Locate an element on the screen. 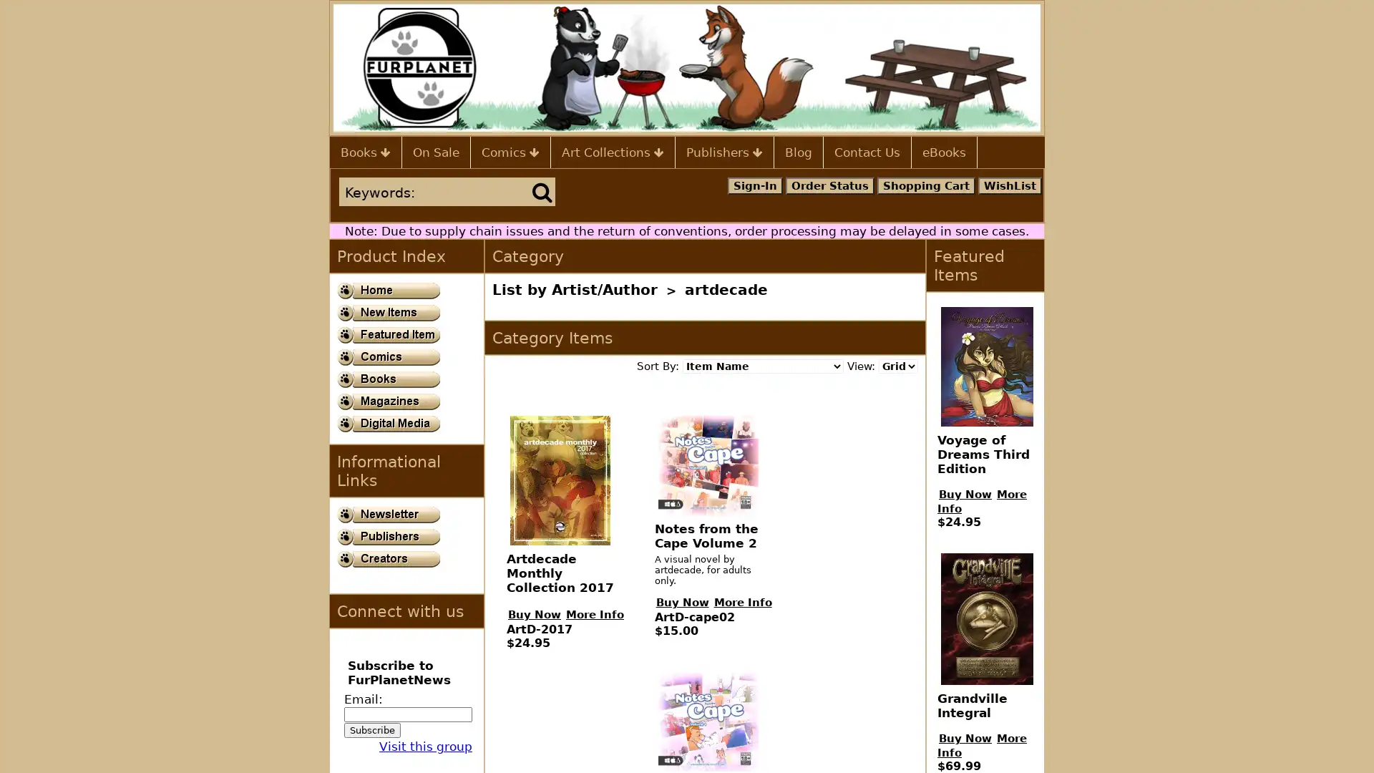 Image resolution: width=1374 pixels, height=773 pixels. Order Status is located at coordinates (830, 184).